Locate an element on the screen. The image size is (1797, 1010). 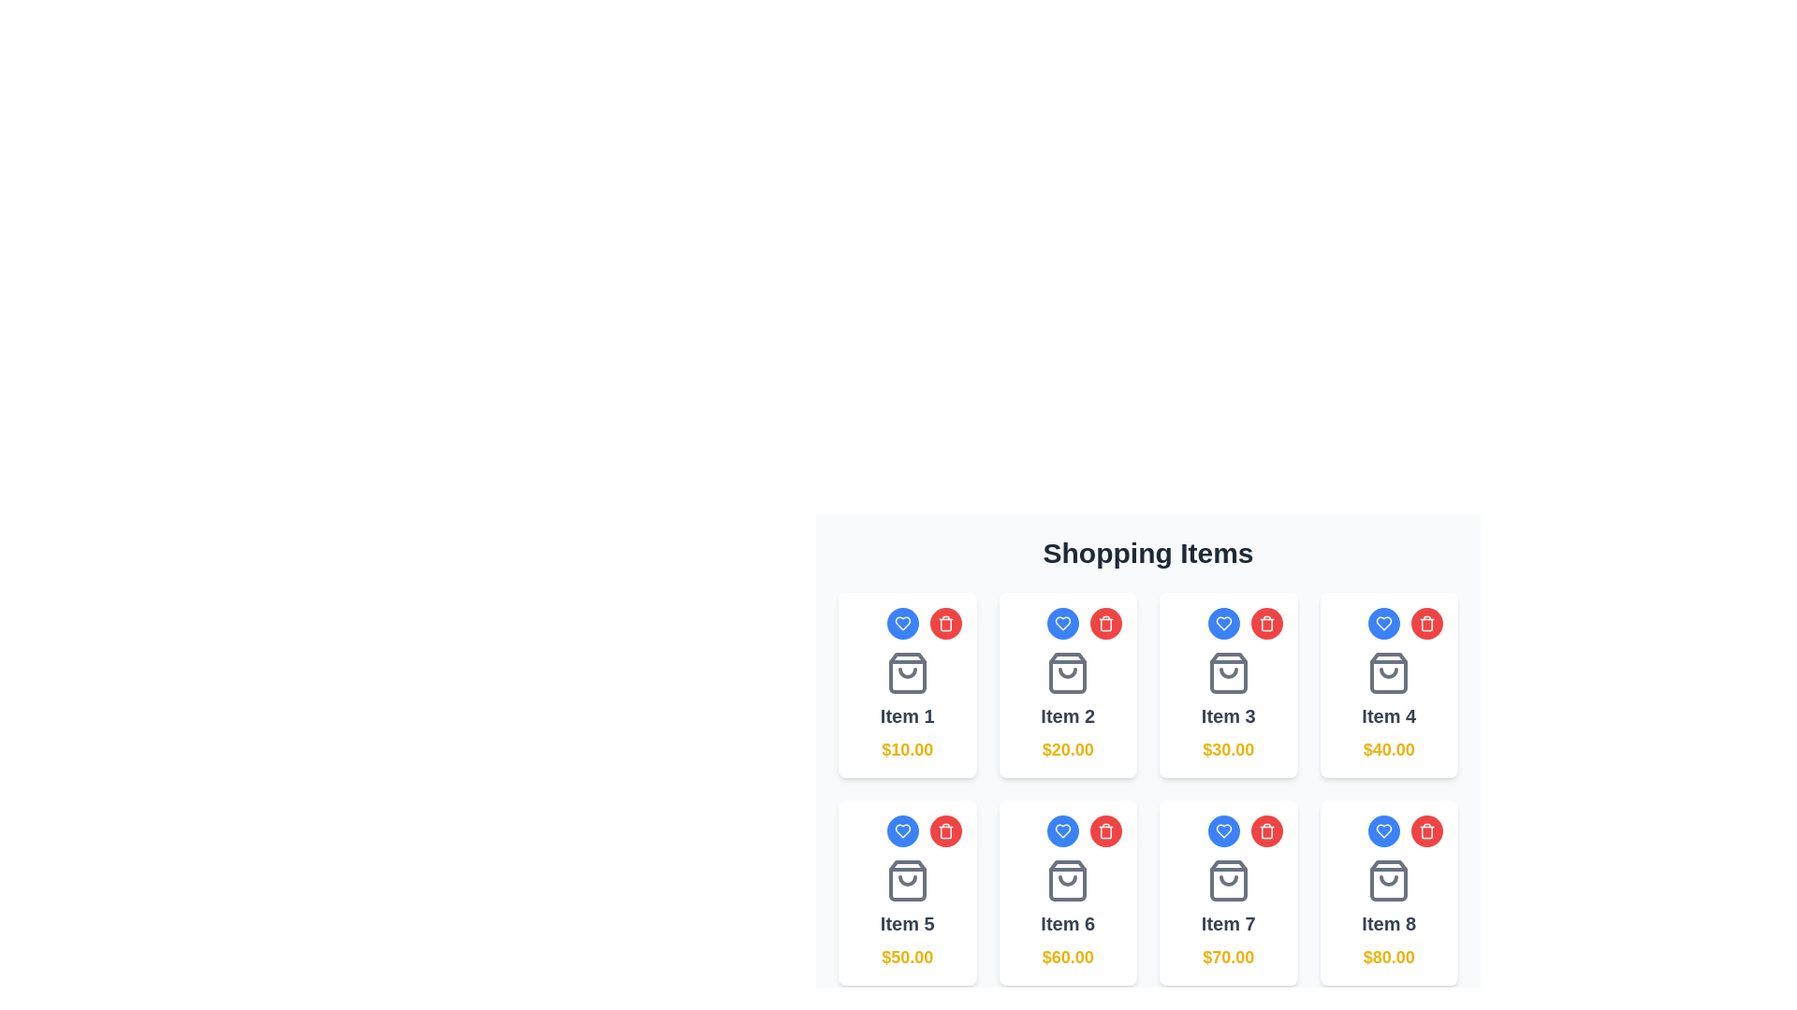
the graphical icon resembling a structured bag with handles, located in the top section of the first card labeled 'Item 1' in a grid layout is located at coordinates (907, 673).